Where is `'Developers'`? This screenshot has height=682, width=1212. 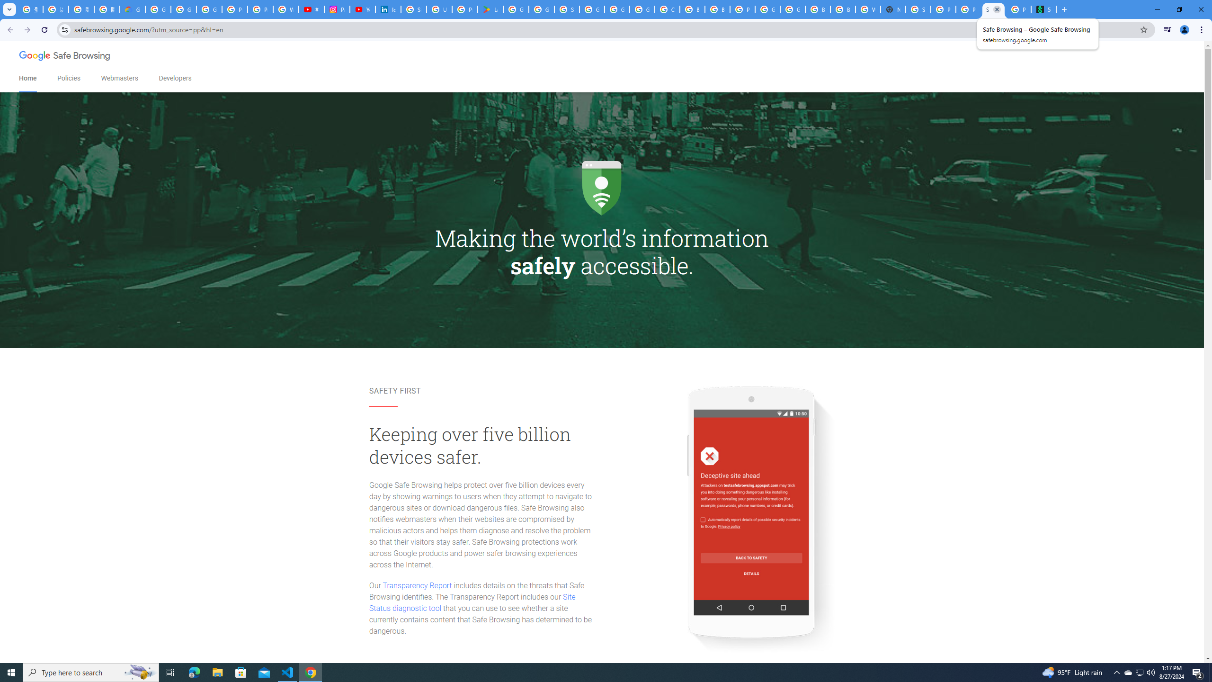
'Developers' is located at coordinates (174, 78).